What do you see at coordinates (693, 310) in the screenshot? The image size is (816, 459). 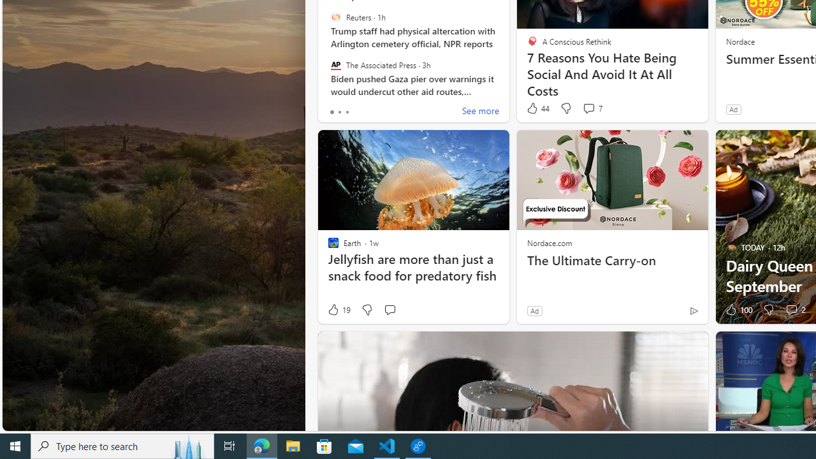 I see `'Ad Choice'` at bounding box center [693, 310].